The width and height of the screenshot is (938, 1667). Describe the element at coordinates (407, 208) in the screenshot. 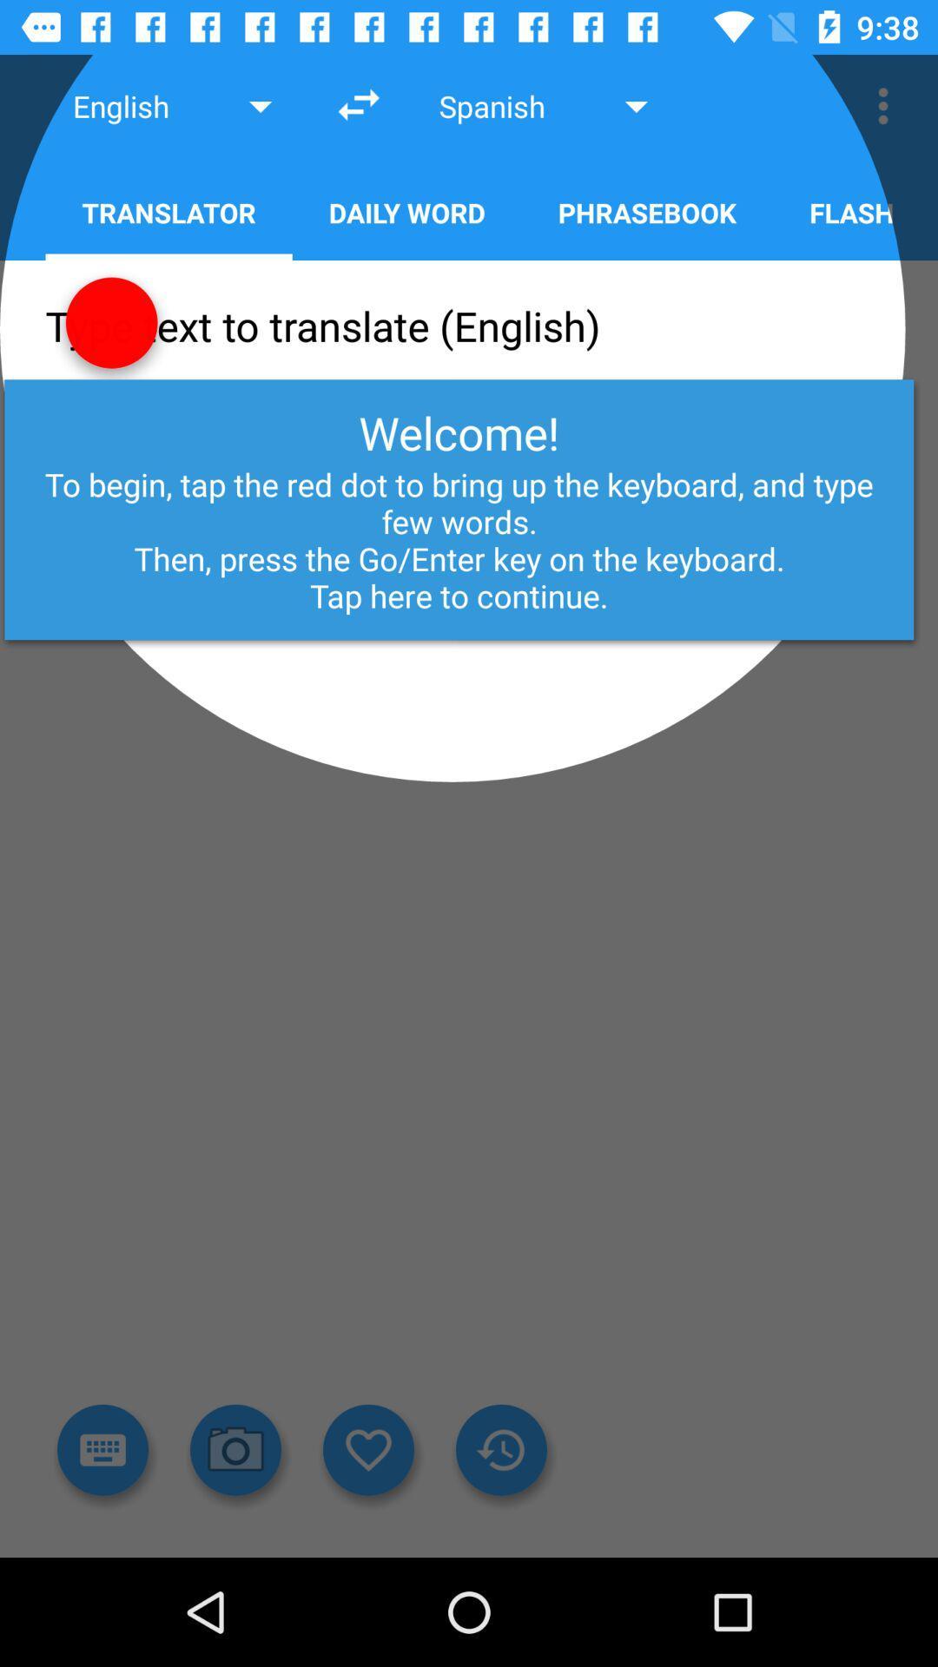

I see `the button next to translator` at that location.